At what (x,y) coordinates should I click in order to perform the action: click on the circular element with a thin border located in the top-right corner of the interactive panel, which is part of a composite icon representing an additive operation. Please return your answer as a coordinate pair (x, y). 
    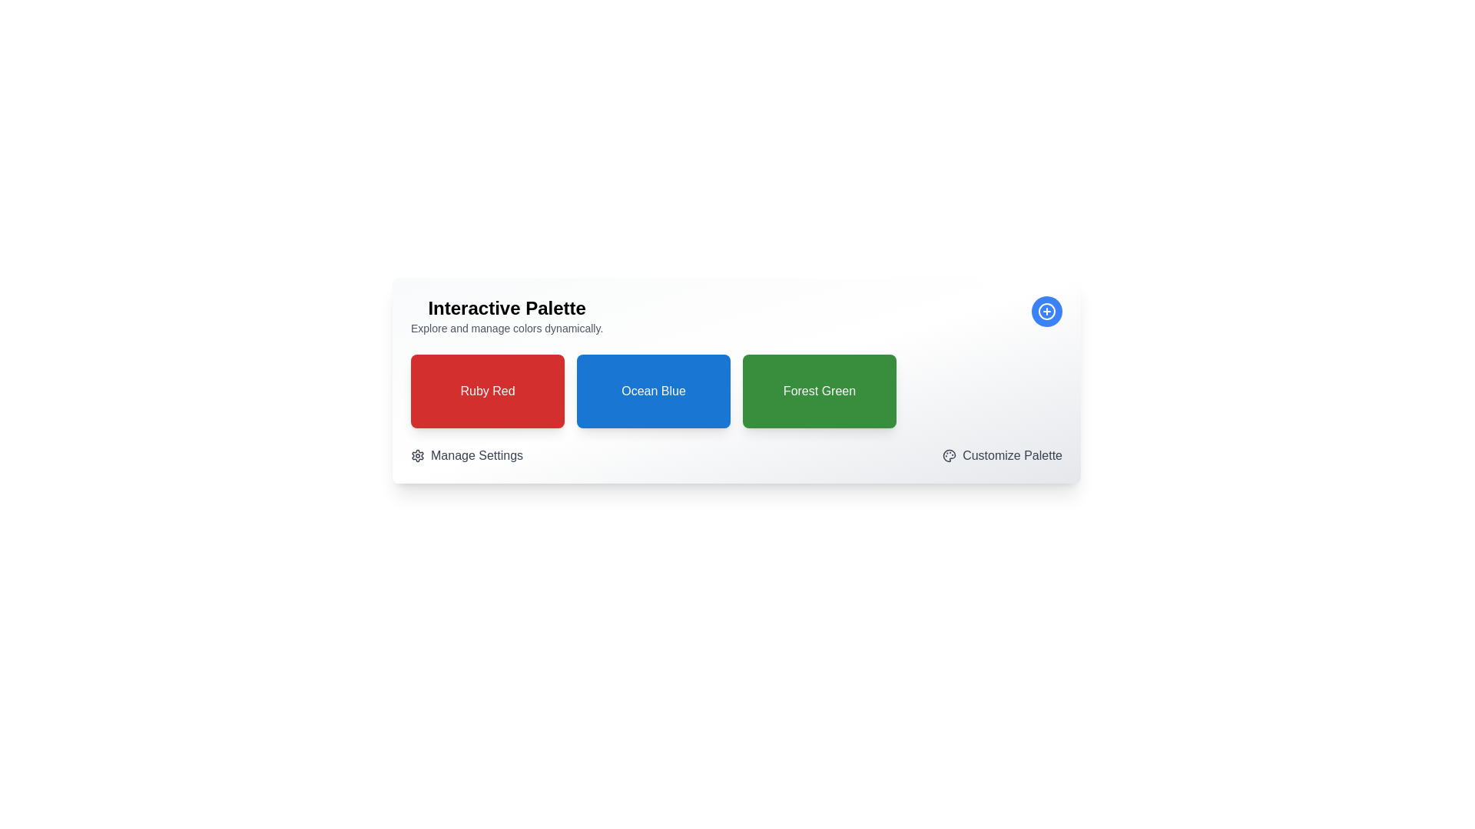
    Looking at the image, I should click on (1046, 311).